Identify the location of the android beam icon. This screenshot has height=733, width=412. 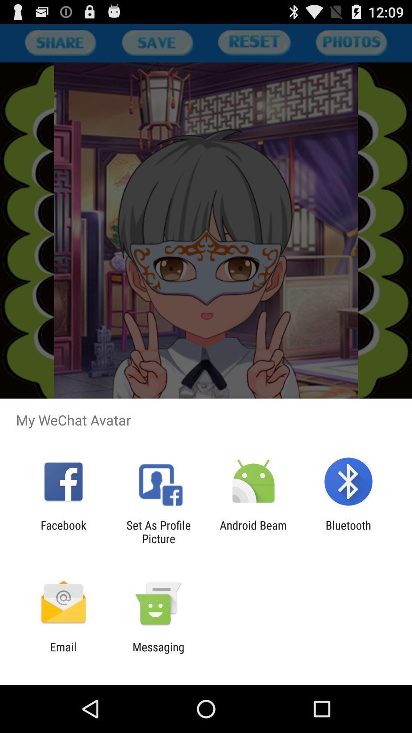
(253, 531).